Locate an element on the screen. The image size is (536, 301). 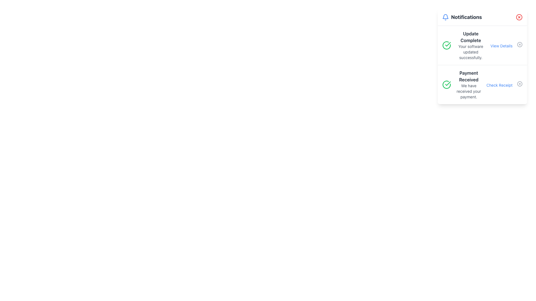
the Text Label that indicates the status of a completed update in the Notifications widget, positioned above the descriptive text 'Your software updated successfully.' is located at coordinates (470, 37).